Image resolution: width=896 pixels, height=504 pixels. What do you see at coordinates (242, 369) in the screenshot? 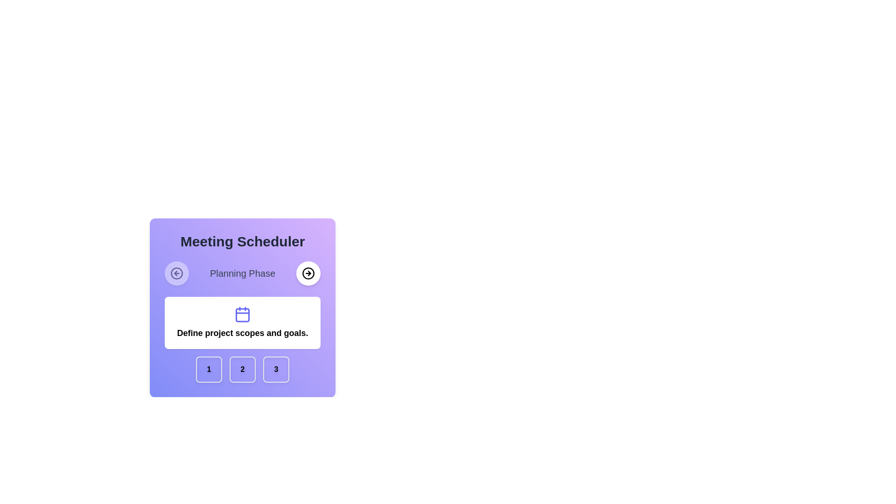
I see `the button-like UI element with a purple background and the numeral '2' in the center, which is the second button in a sequence of three aligned horizontally beneath the text 'Define project scopes and goals.'` at bounding box center [242, 369].